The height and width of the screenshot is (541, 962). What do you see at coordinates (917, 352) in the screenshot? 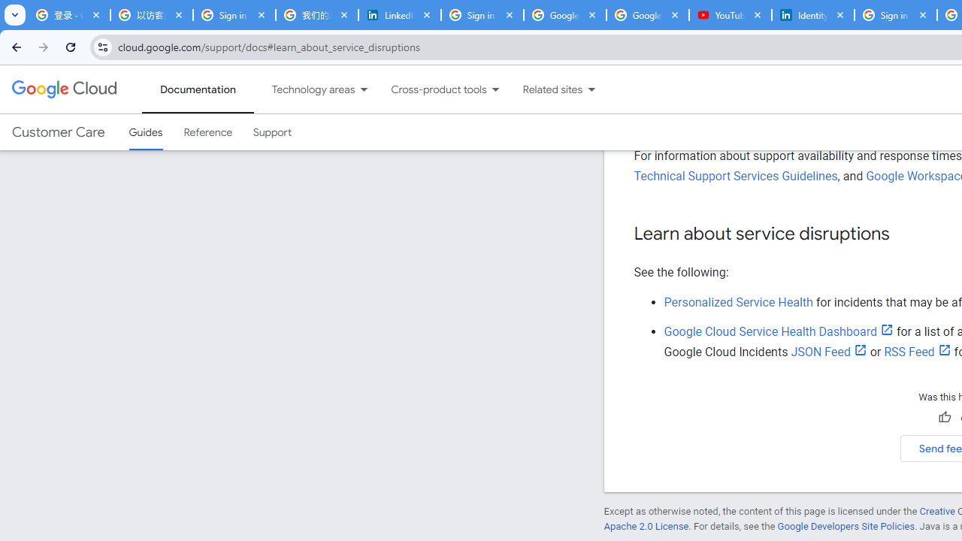
I see `'RSS Feed'` at bounding box center [917, 352].